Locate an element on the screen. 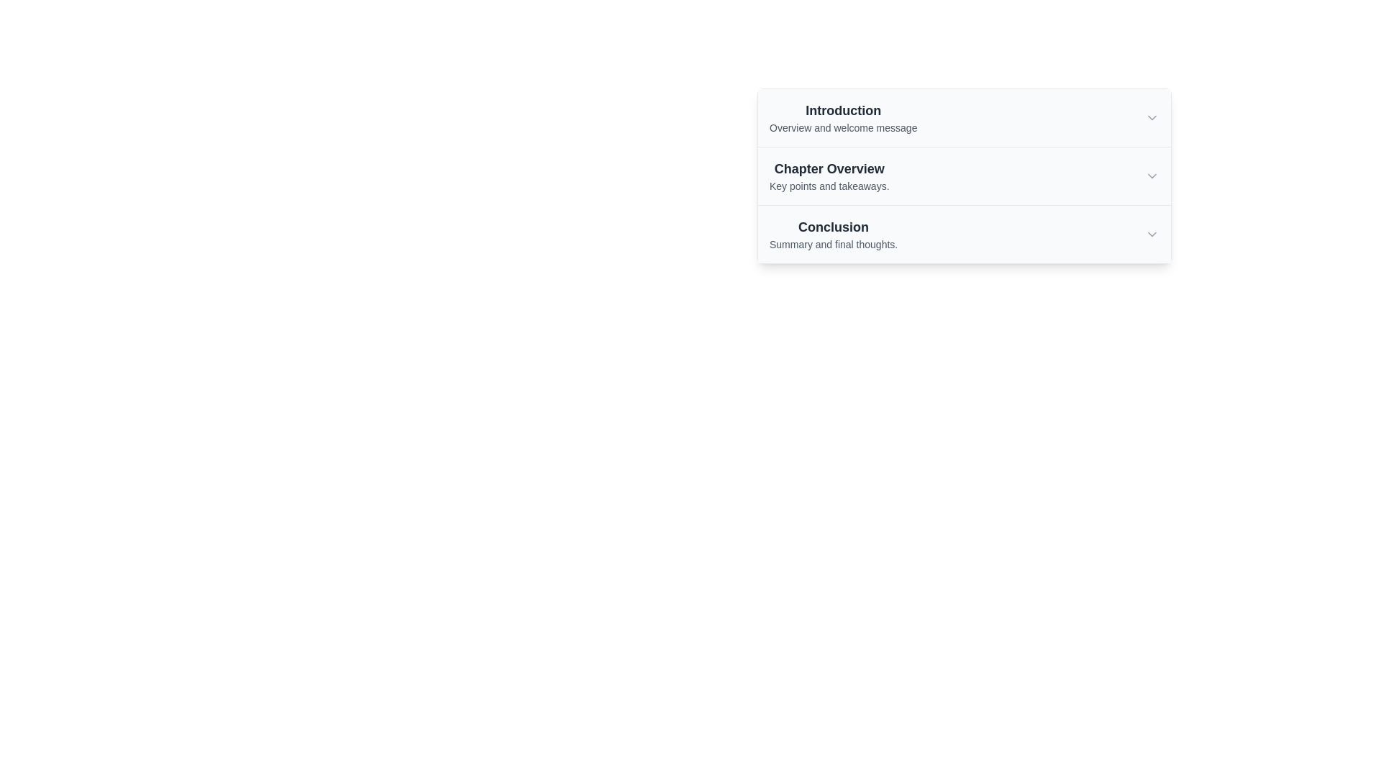 This screenshot has width=1381, height=777. header text label indicating the overview of a chapter, located in the middle section of the dropdown list between 'Introduction' and 'Conclusion' is located at coordinates (829, 168).